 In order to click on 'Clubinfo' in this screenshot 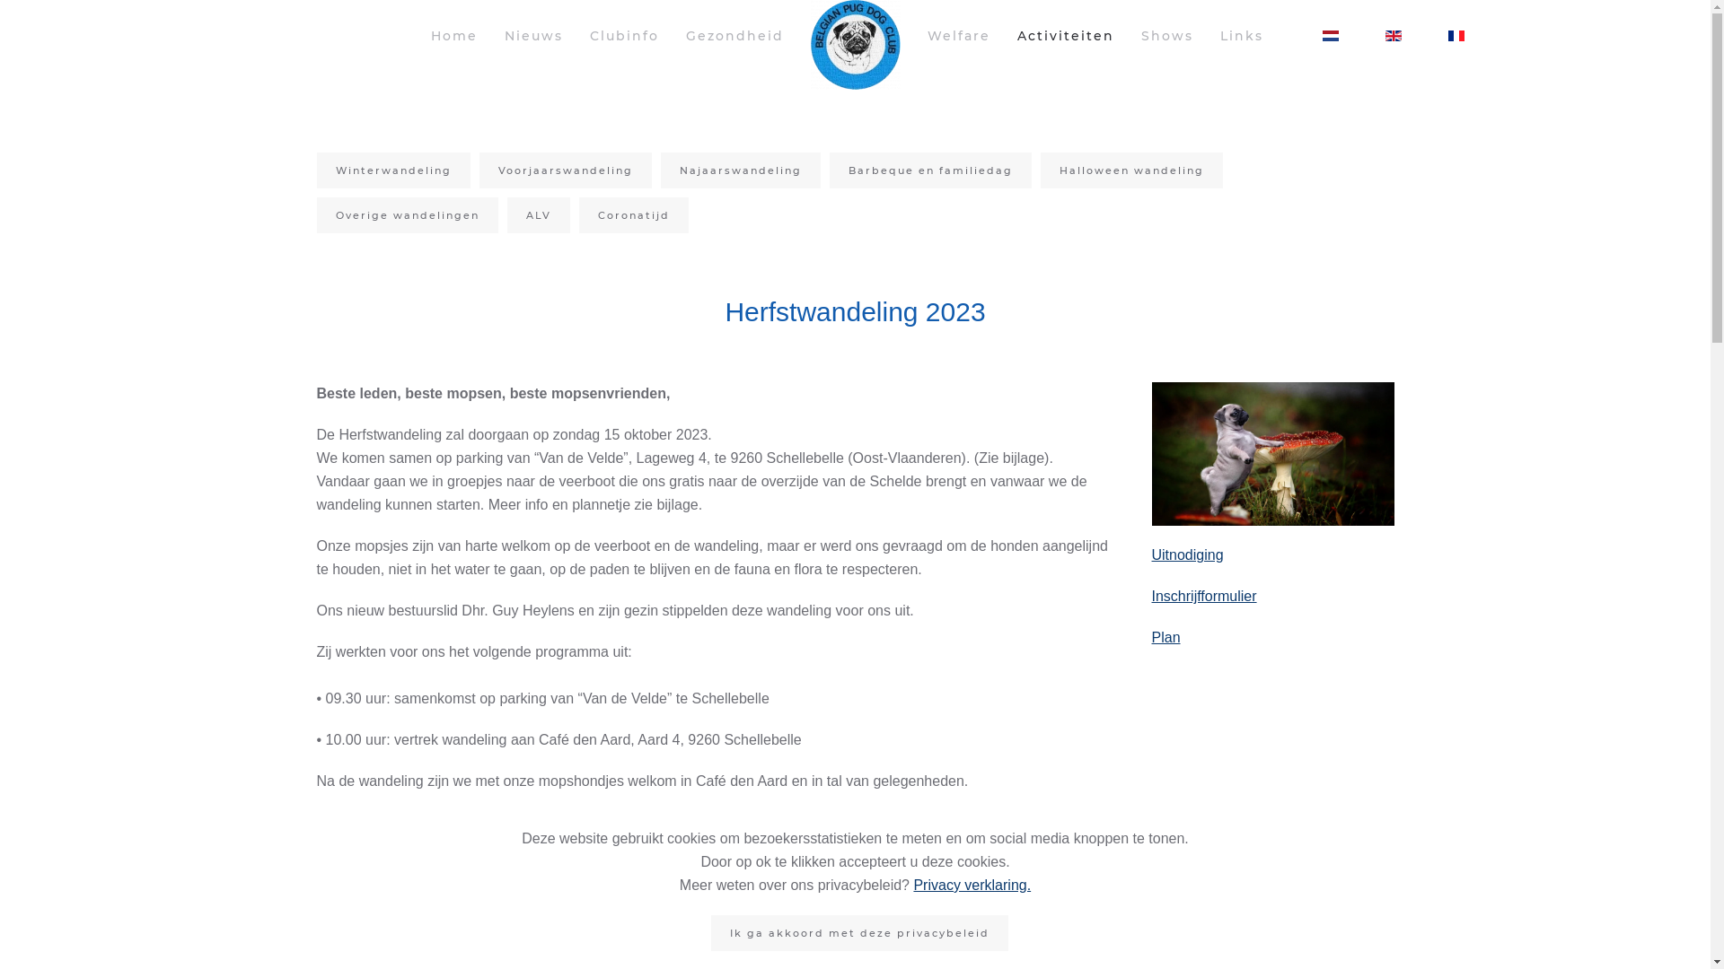, I will do `click(623, 35)`.